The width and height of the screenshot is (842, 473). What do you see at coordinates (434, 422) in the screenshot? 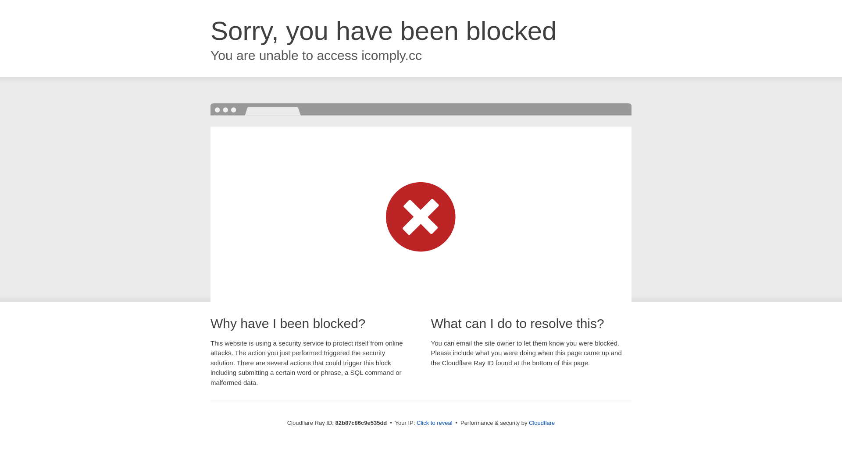
I see `'Click to reveal'` at bounding box center [434, 422].